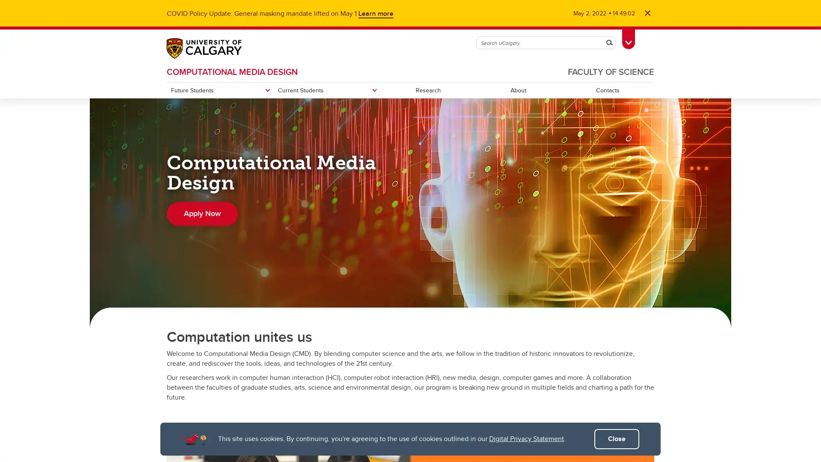  What do you see at coordinates (628, 37) in the screenshot?
I see `Toggle Toolbox` at bounding box center [628, 37].